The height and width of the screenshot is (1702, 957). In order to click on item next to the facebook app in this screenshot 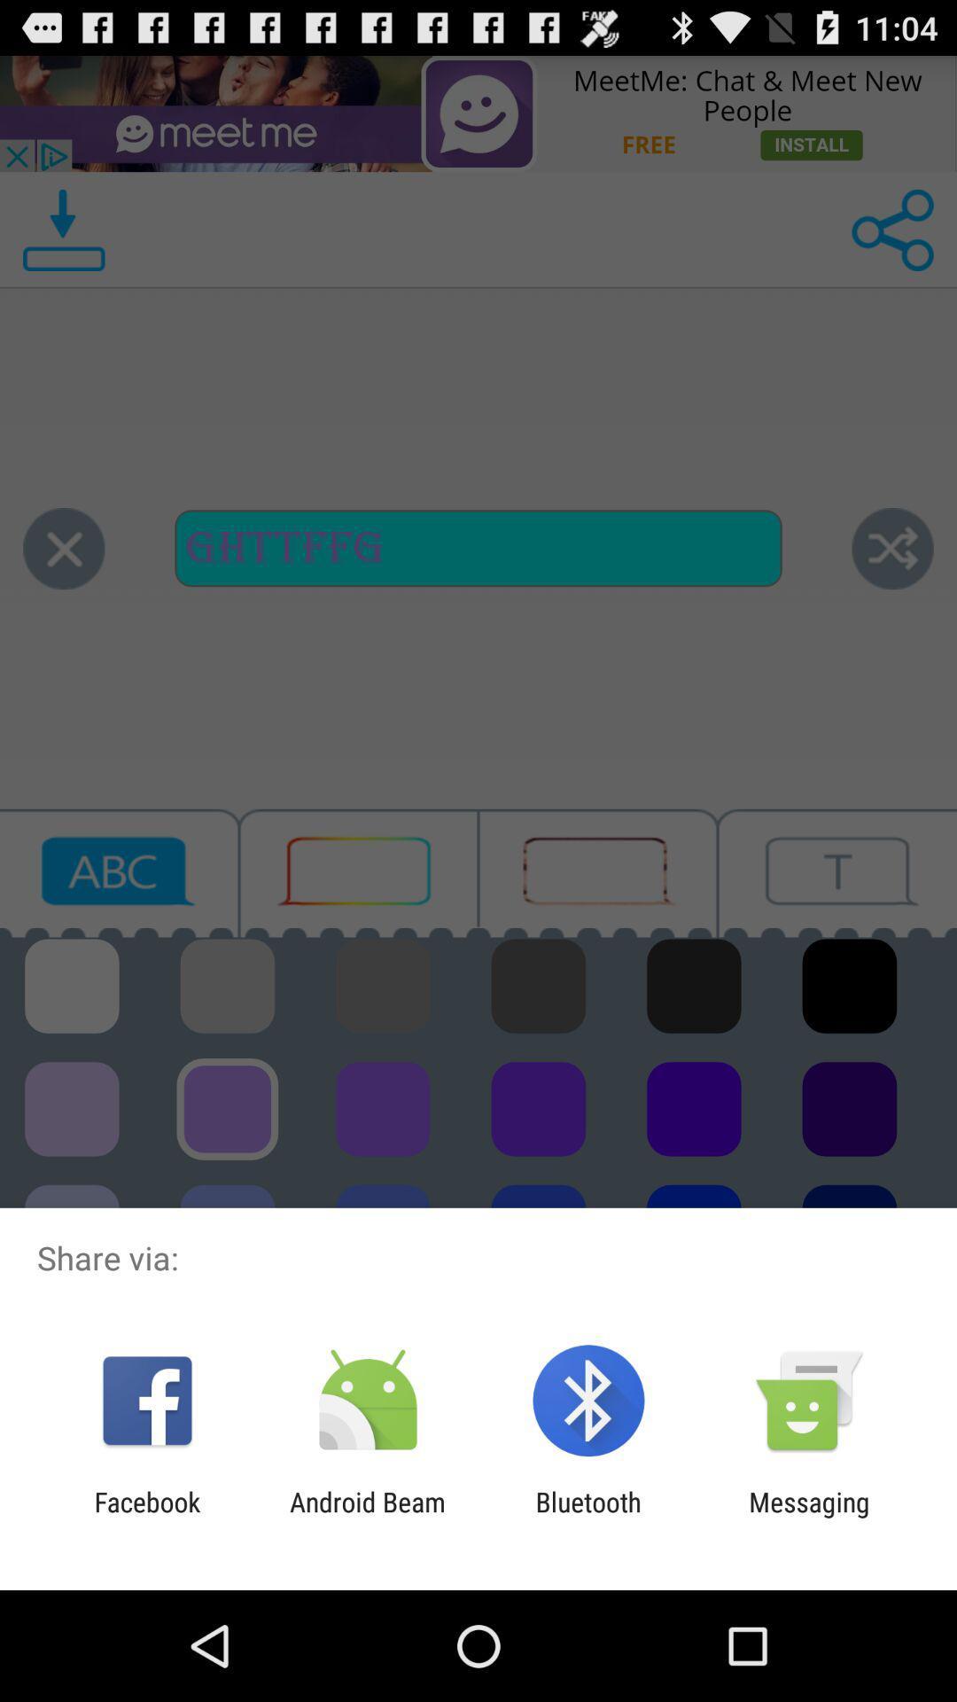, I will do `click(367, 1517)`.